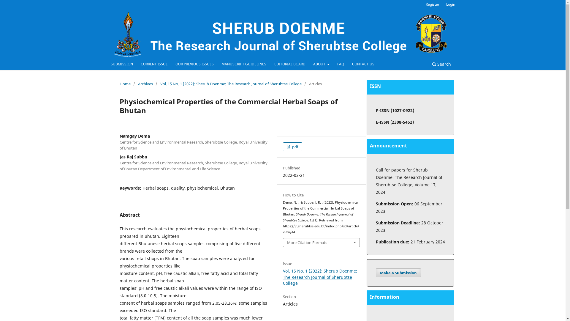 The width and height of the screenshot is (570, 321). Describe the element at coordinates (363, 65) in the screenshot. I see `'CONTACT US'` at that location.